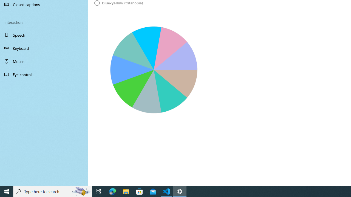 This screenshot has height=197, width=351. I want to click on 'Settings - 1 running window', so click(180, 191).